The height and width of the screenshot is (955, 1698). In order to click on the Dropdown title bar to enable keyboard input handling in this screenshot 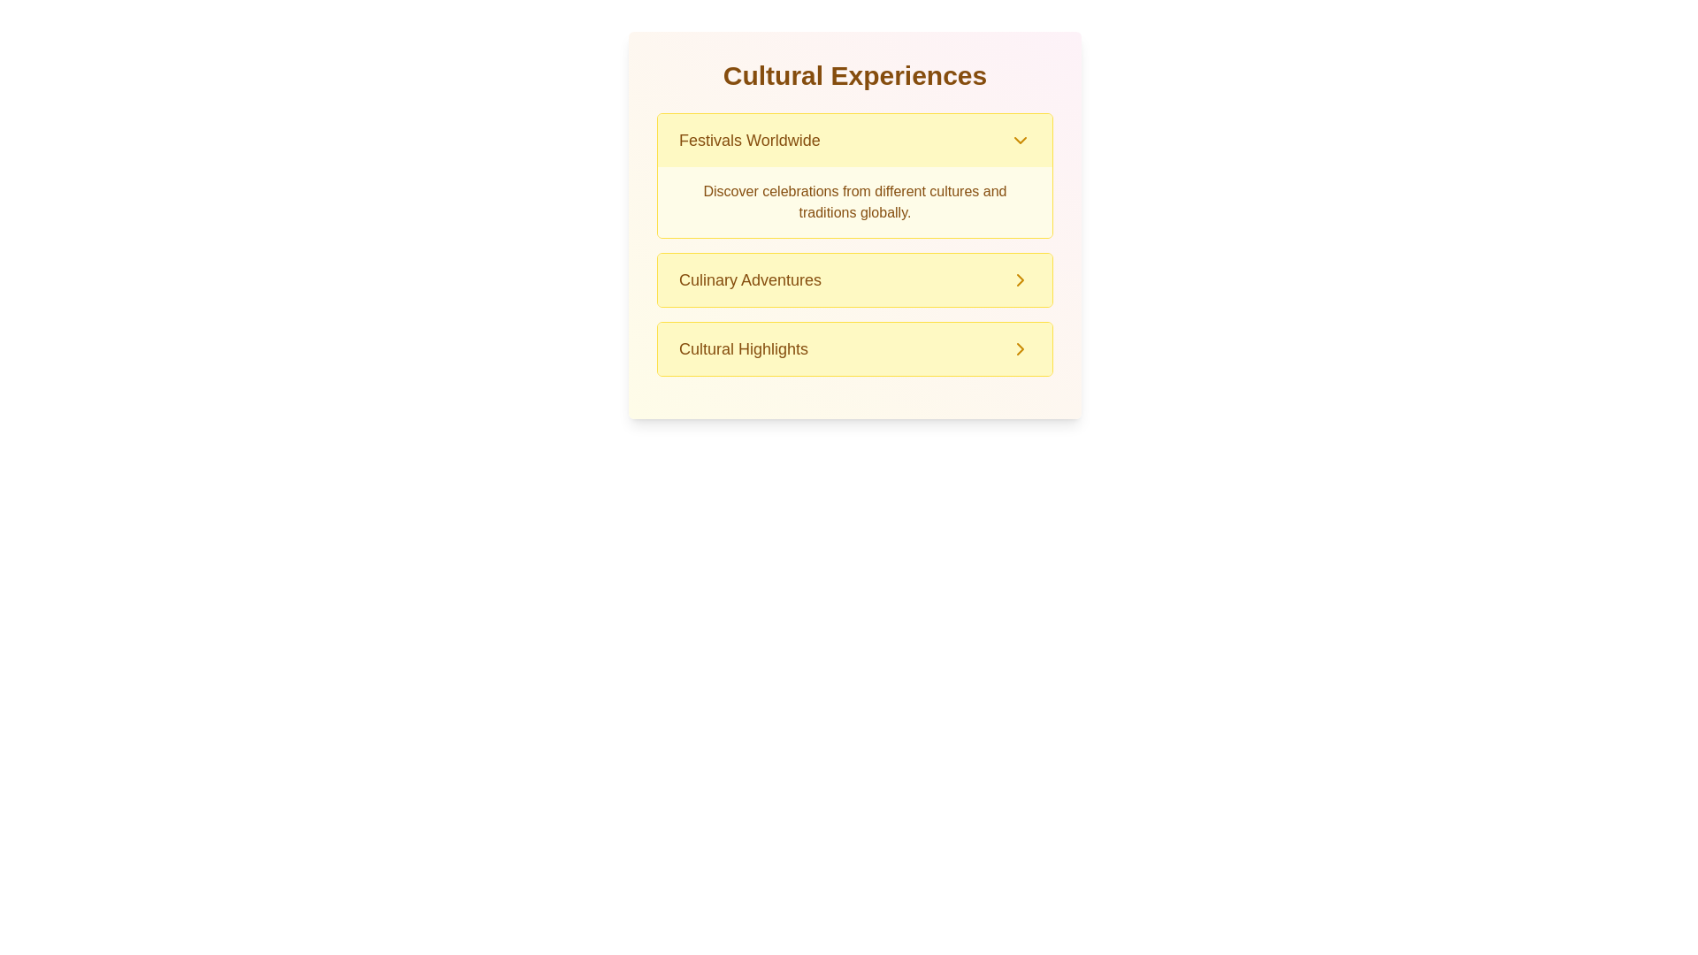, I will do `click(854, 139)`.